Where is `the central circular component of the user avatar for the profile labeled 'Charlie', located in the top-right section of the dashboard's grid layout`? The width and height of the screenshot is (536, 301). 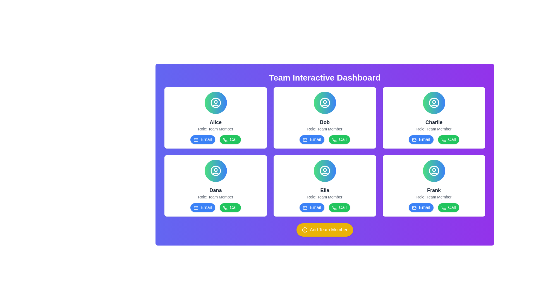
the central circular component of the user avatar for the profile labeled 'Charlie', located in the top-right section of the dashboard's grid layout is located at coordinates (434, 103).